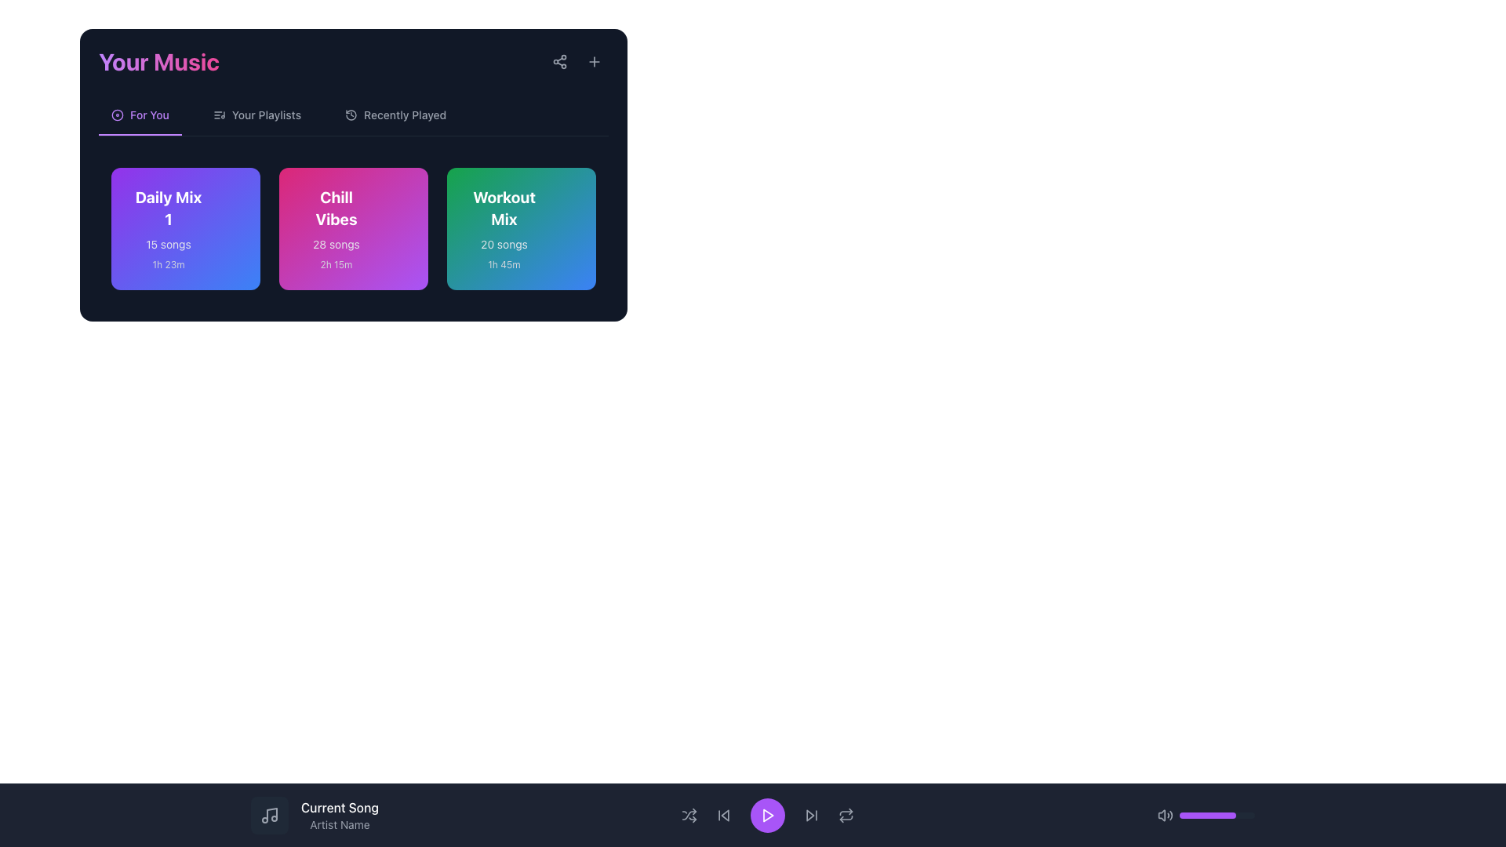 Image resolution: width=1506 pixels, height=847 pixels. What do you see at coordinates (353, 229) in the screenshot?
I see `the 'Chill Vibes' interactive card, which is the second card in the playlist layout under the 'Your Music' header` at bounding box center [353, 229].